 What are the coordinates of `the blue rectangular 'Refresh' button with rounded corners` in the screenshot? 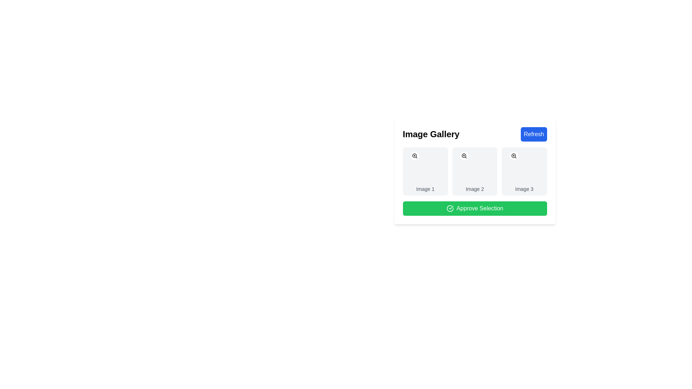 It's located at (534, 134).